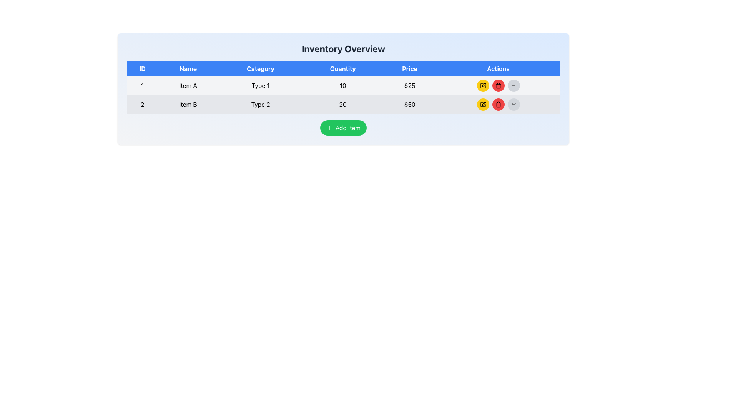 This screenshot has height=415, width=738. What do you see at coordinates (342, 86) in the screenshot?
I see `the non-interactive text display for the quantity of an inventory item in the fourth column of the first row under the 'Quantity' header in the light blue 'Inventory Overview' area` at bounding box center [342, 86].